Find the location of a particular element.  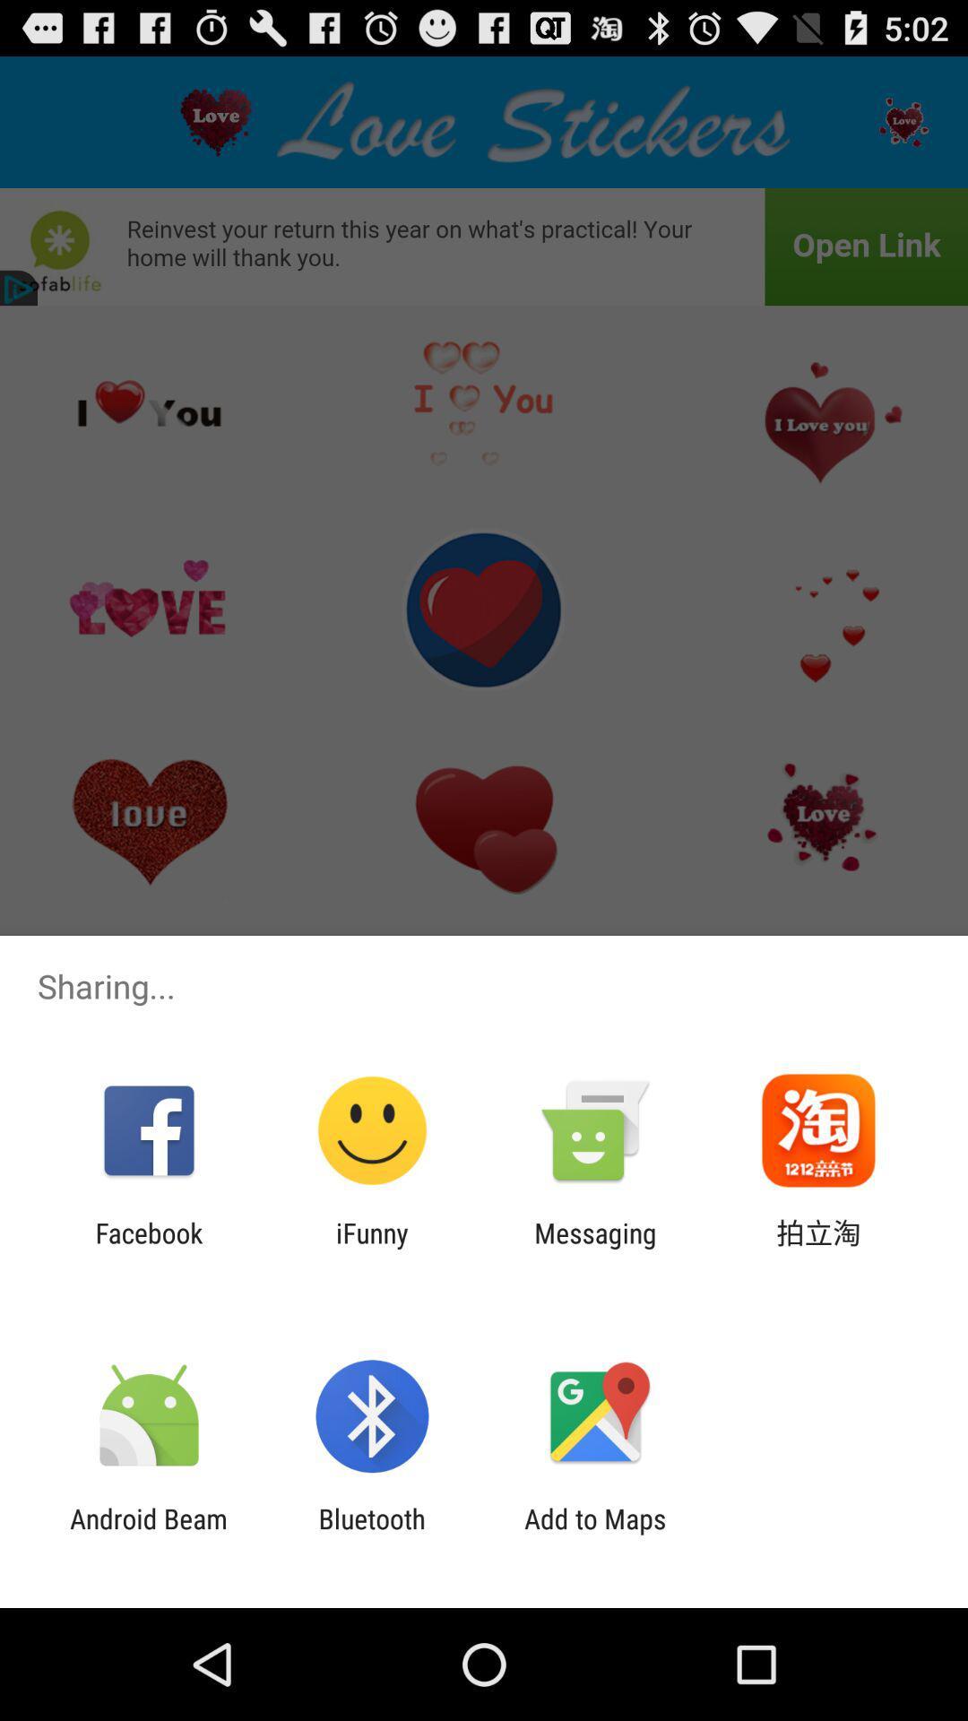

item next to ifunny app is located at coordinates (595, 1248).